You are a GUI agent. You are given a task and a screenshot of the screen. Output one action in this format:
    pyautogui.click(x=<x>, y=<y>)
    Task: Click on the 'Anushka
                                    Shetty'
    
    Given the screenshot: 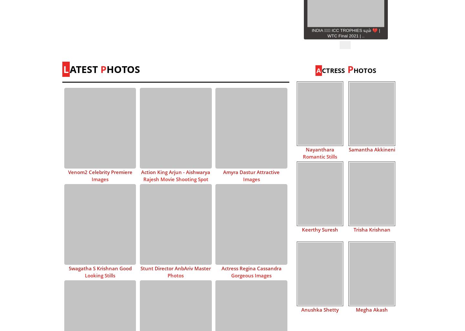 What is the action you would take?
    pyautogui.click(x=319, y=309)
    